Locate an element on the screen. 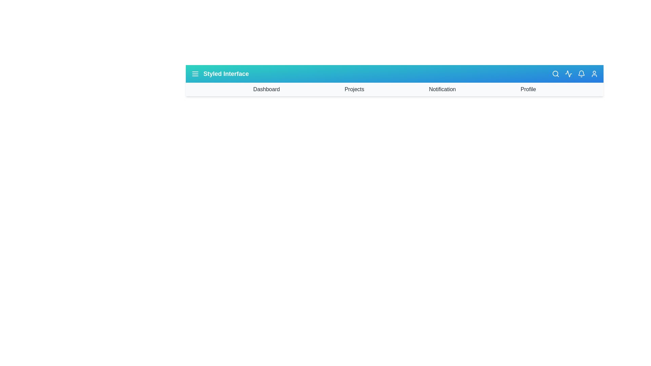 This screenshot has width=651, height=366. the search icon in the header is located at coordinates (555, 74).